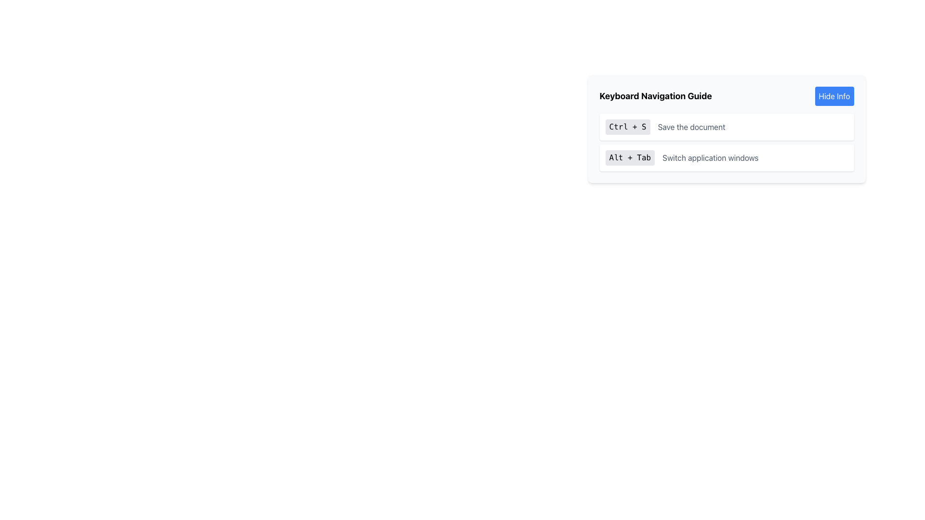 This screenshot has height=520, width=925. What do you see at coordinates (727, 157) in the screenshot?
I see `the informational unit displaying the shortcut 'Alt + Tab' with the description 'Switch application windows', located below the 'Ctrl + S' shortcut` at bounding box center [727, 157].